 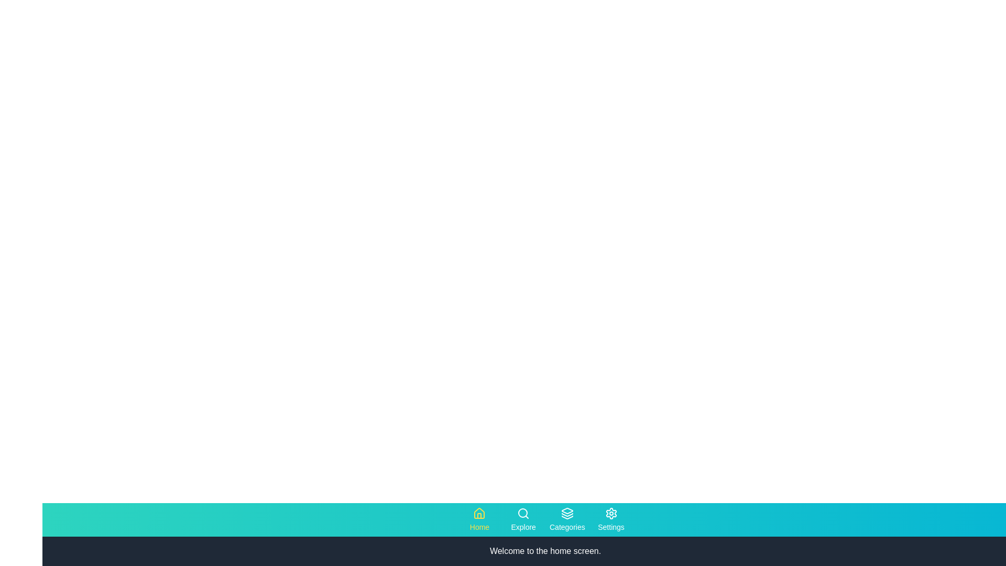 I want to click on the text of the tab labeled Categories, so click(x=566, y=519).